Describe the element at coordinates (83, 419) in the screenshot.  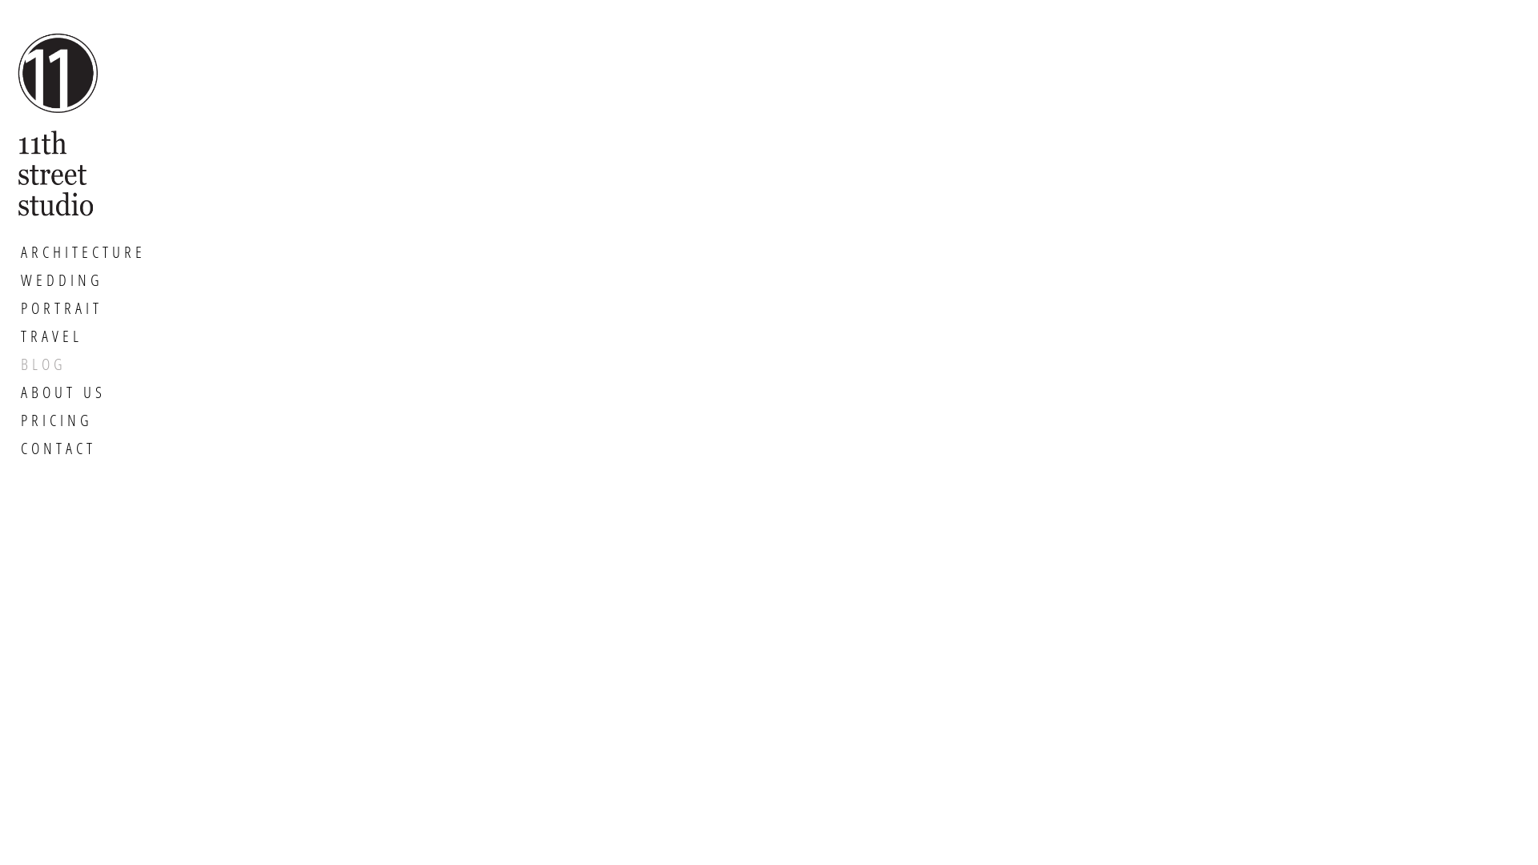
I see `'PRICING'` at that location.